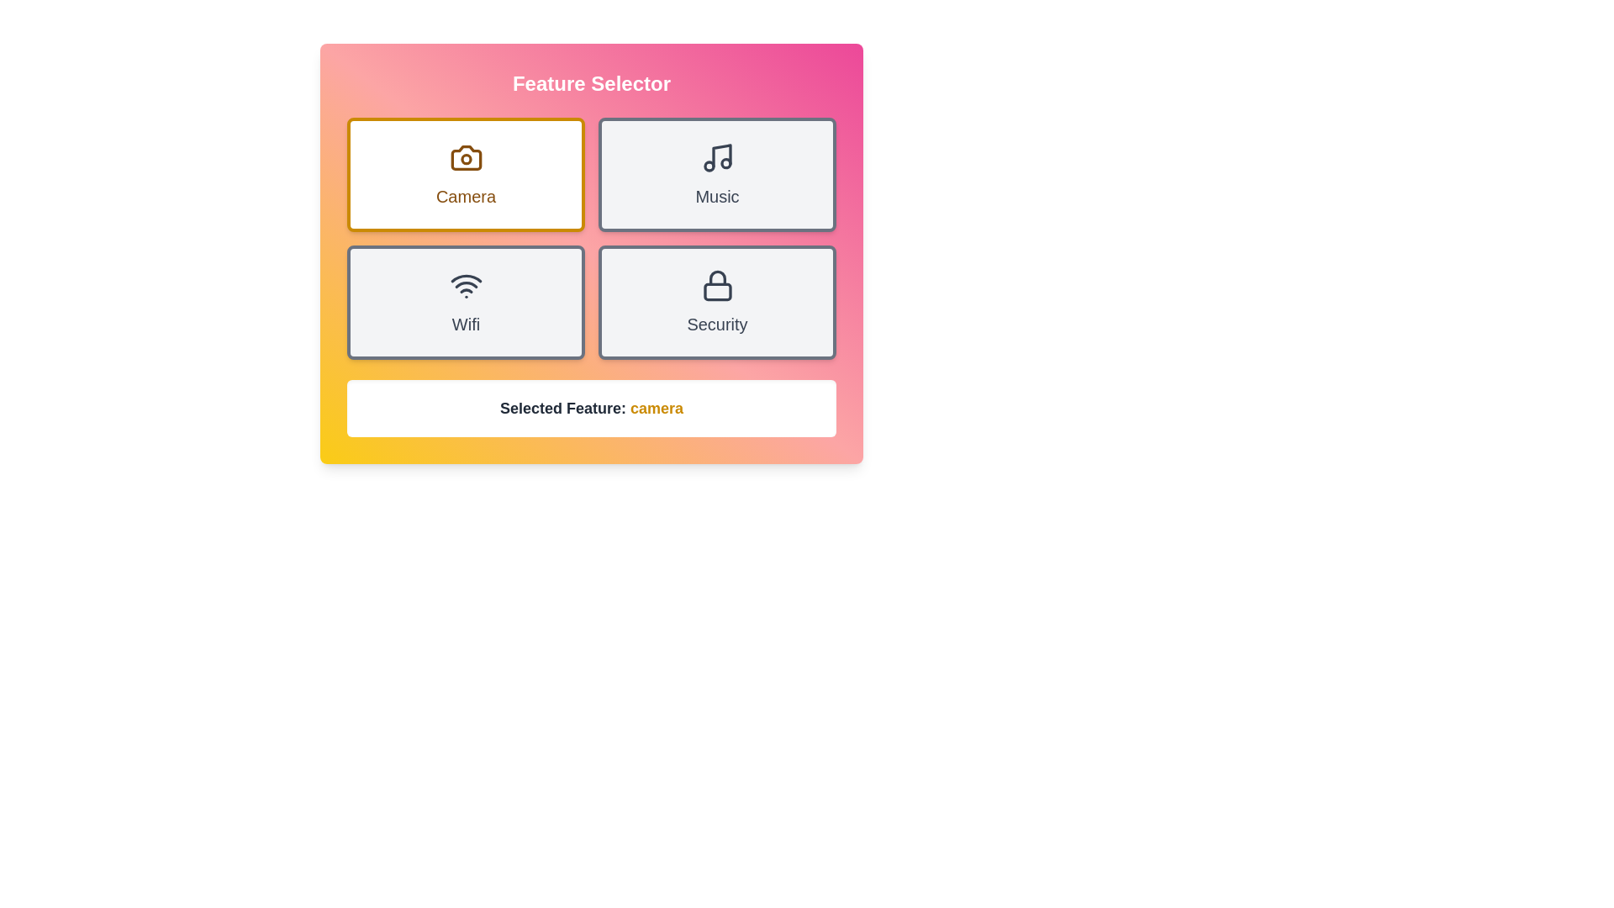 The height and width of the screenshot is (908, 1614). What do you see at coordinates (717, 175) in the screenshot?
I see `the rectangular 'Music' button with a light gray background and a musical note icon at the top, located in the top row, second column of the grid` at bounding box center [717, 175].